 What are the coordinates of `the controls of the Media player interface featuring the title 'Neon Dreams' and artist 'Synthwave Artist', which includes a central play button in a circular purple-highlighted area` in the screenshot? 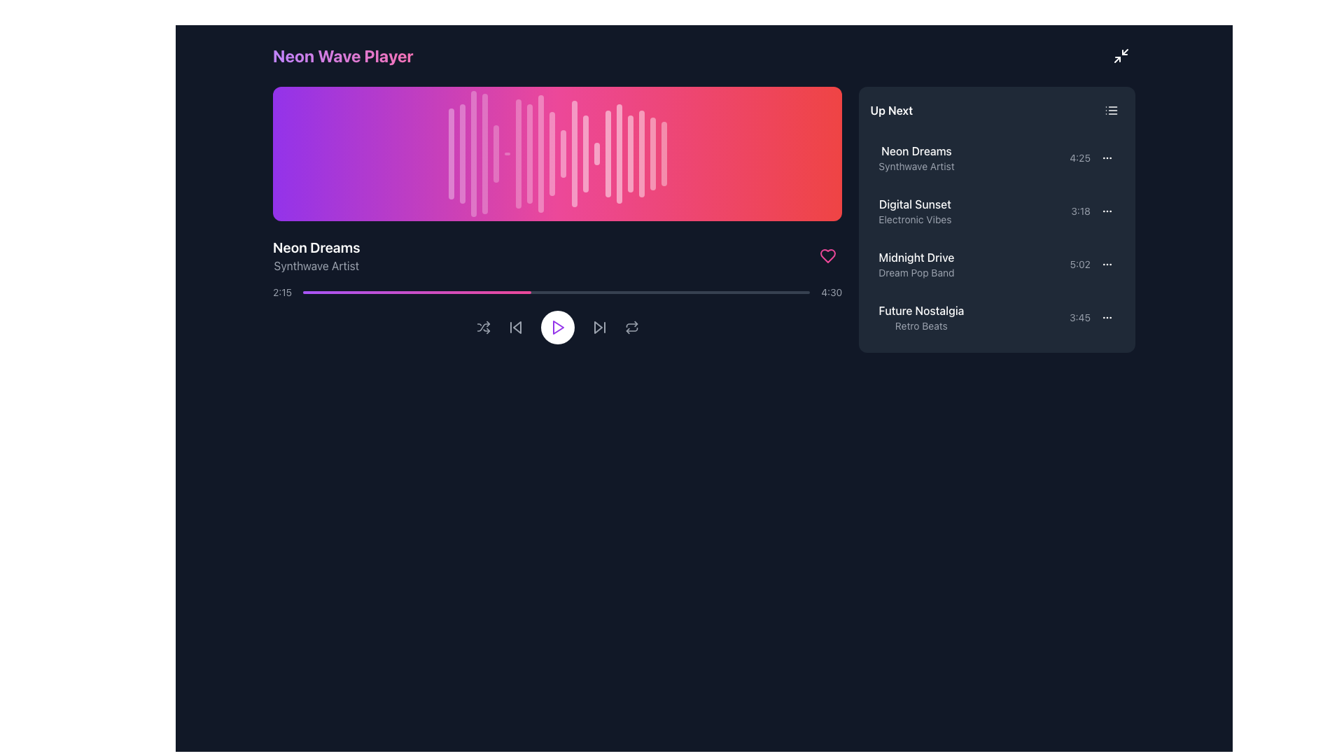 It's located at (556, 290).